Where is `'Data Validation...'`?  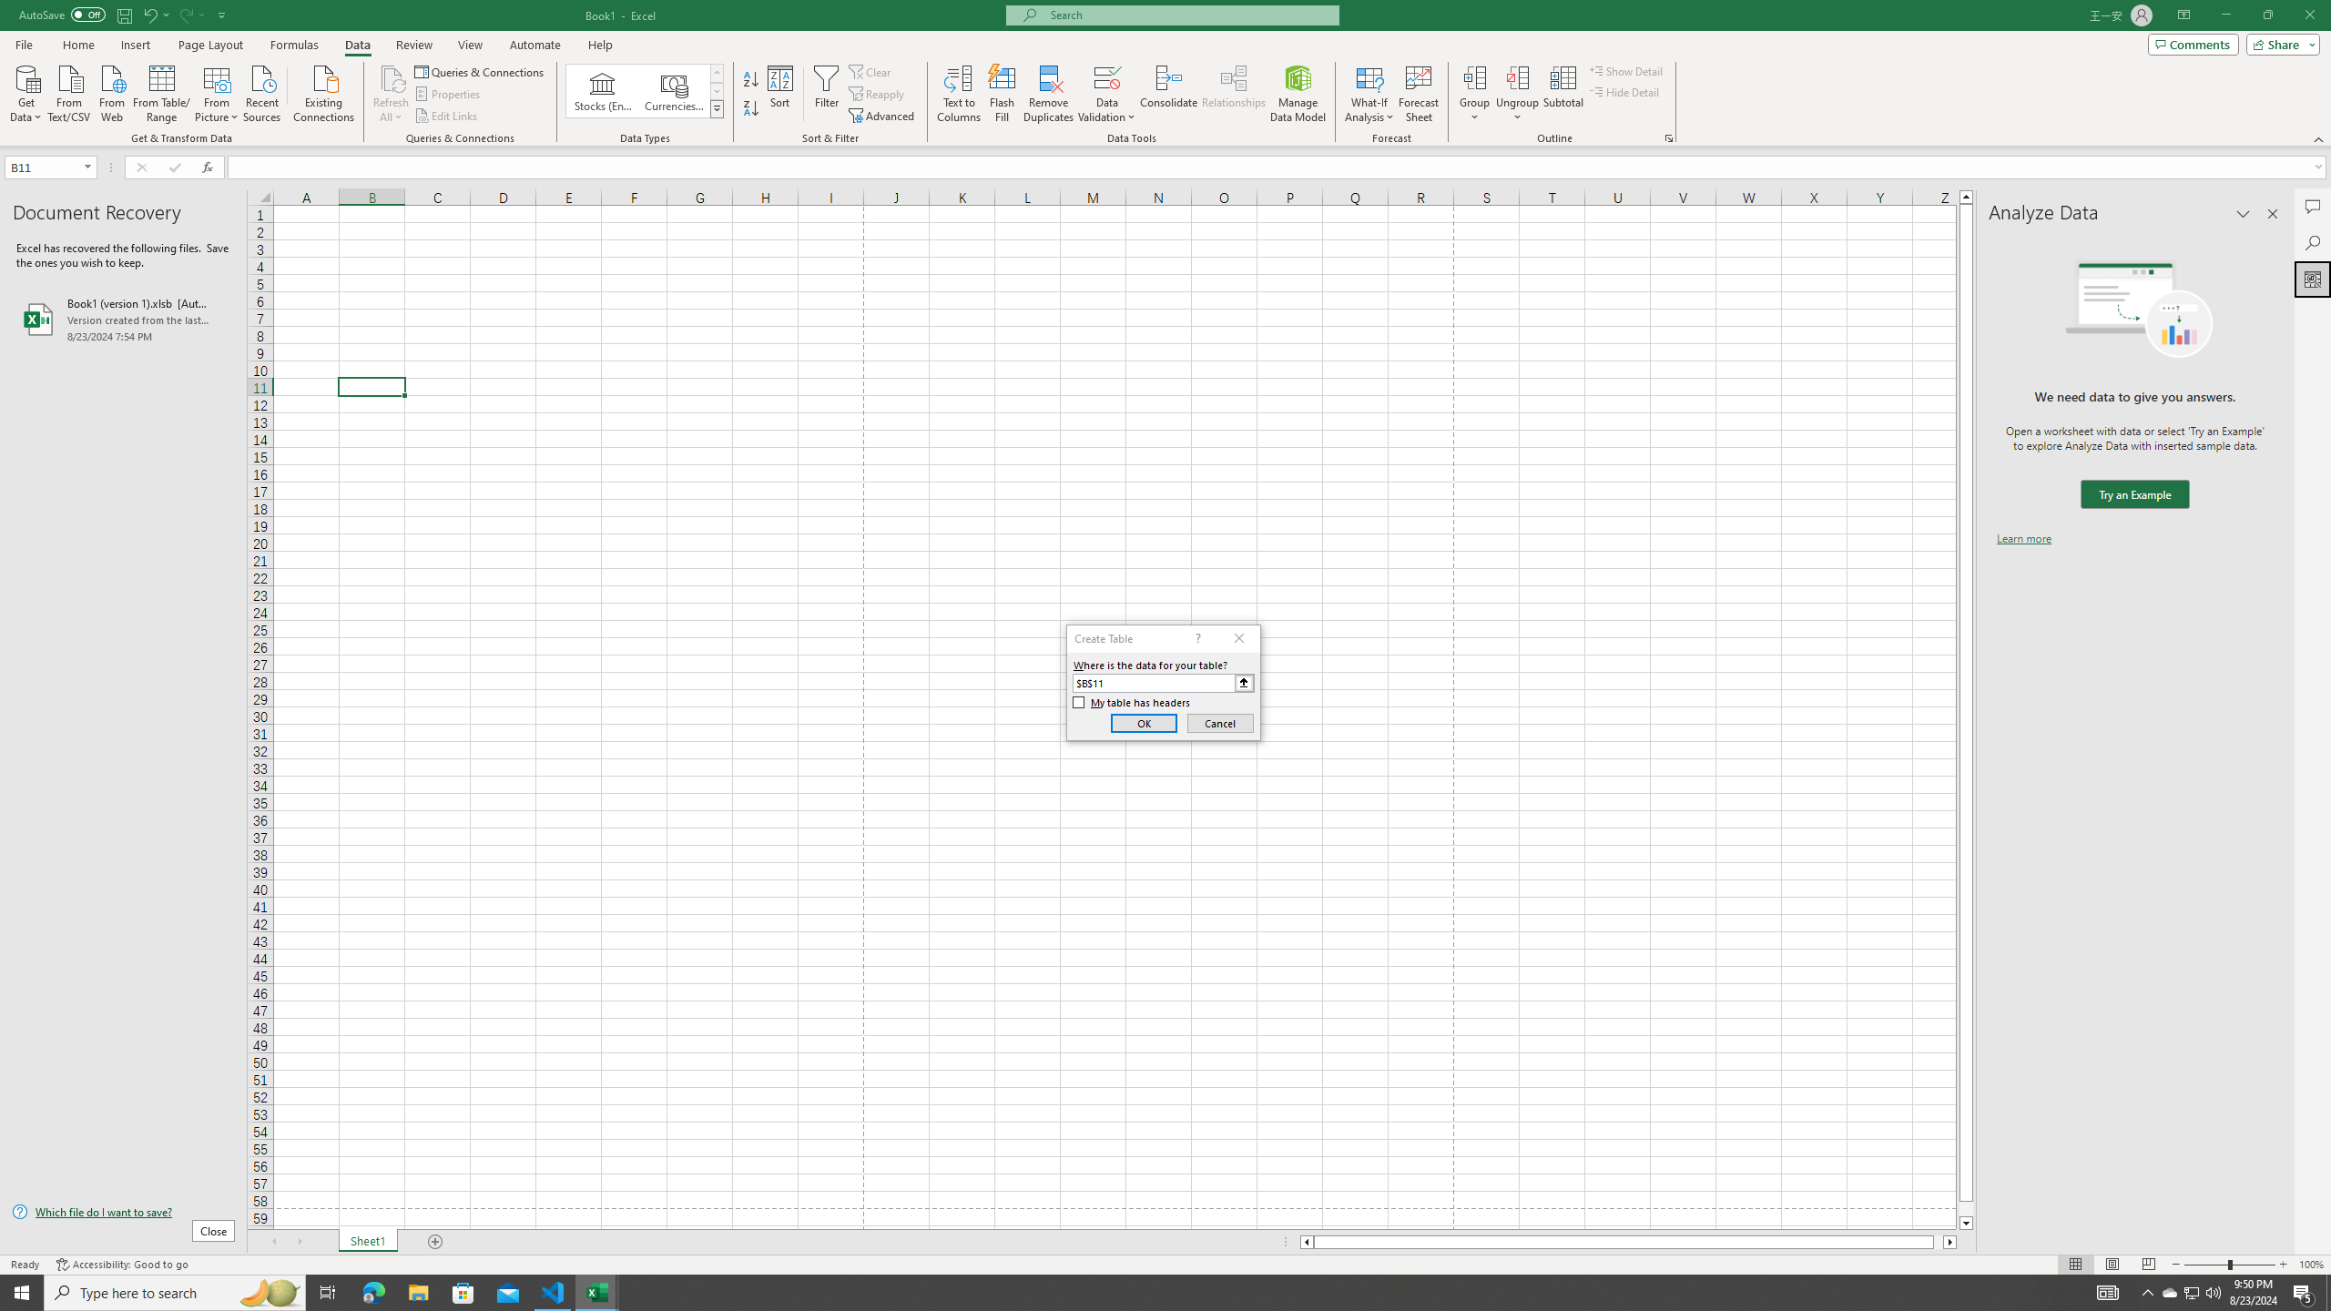 'Data Validation...' is located at coordinates (1106, 76).